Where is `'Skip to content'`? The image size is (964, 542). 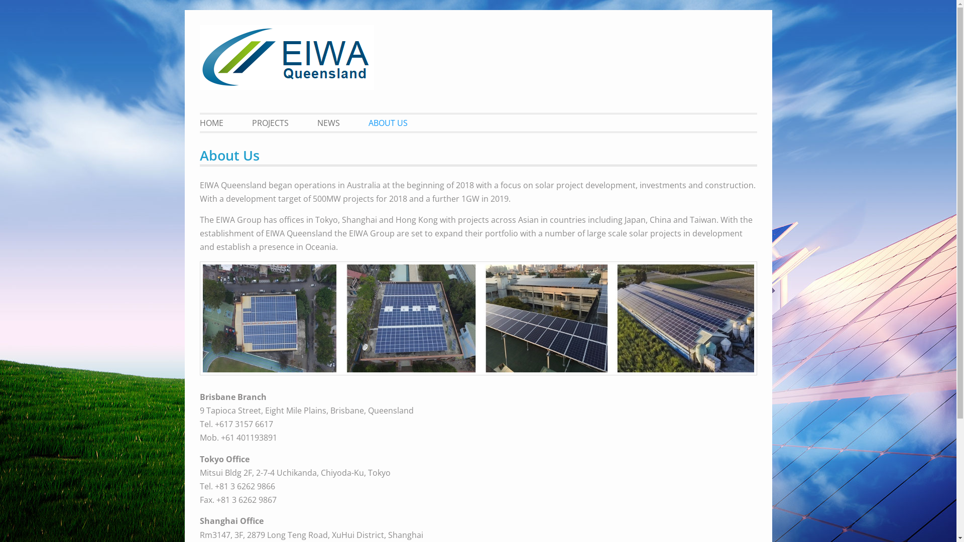
'Skip to content' is located at coordinates (199, 10).